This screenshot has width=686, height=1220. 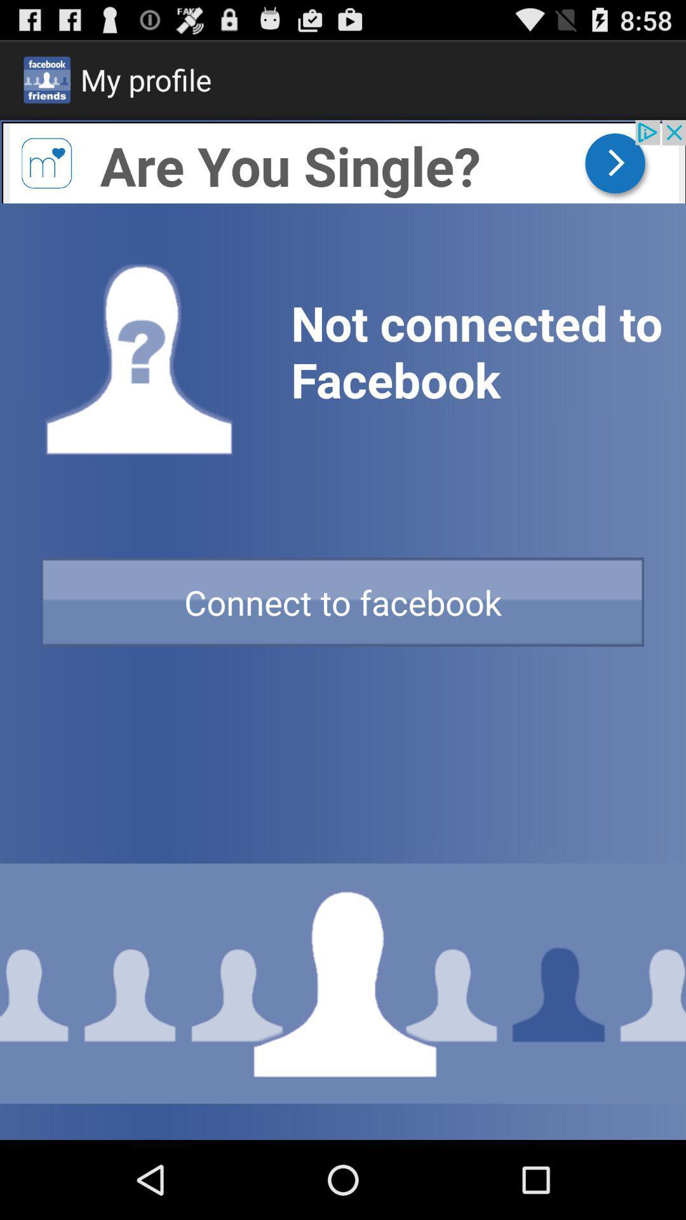 What do you see at coordinates (343, 161) in the screenshot?
I see `open advertisement for dating site` at bounding box center [343, 161].